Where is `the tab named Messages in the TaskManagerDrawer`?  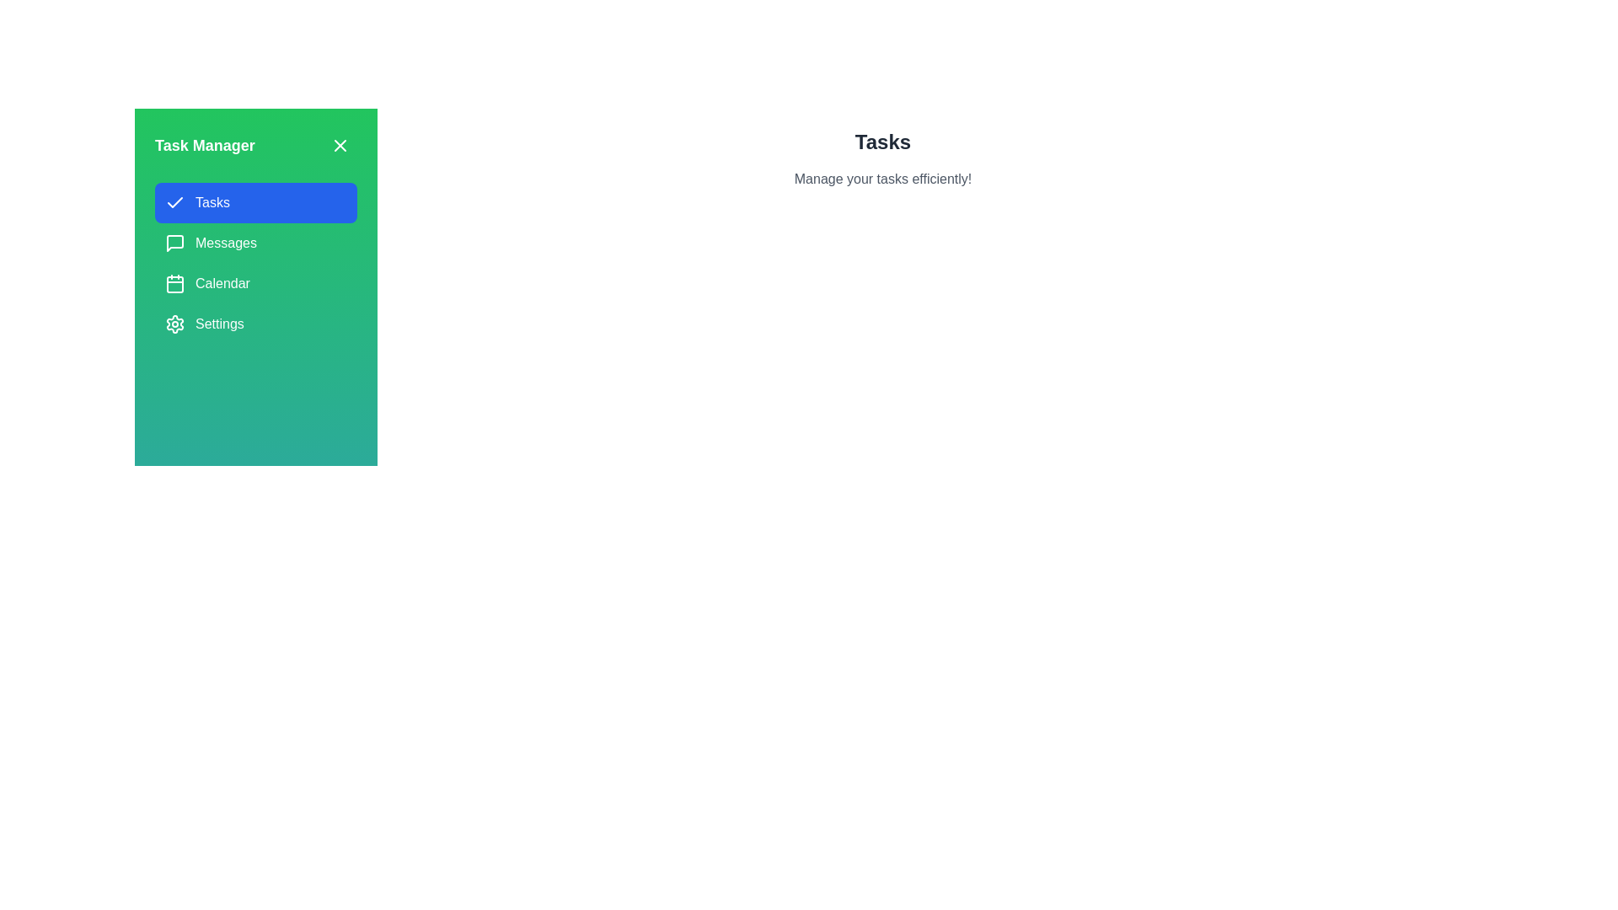
the tab named Messages in the TaskManagerDrawer is located at coordinates (254, 244).